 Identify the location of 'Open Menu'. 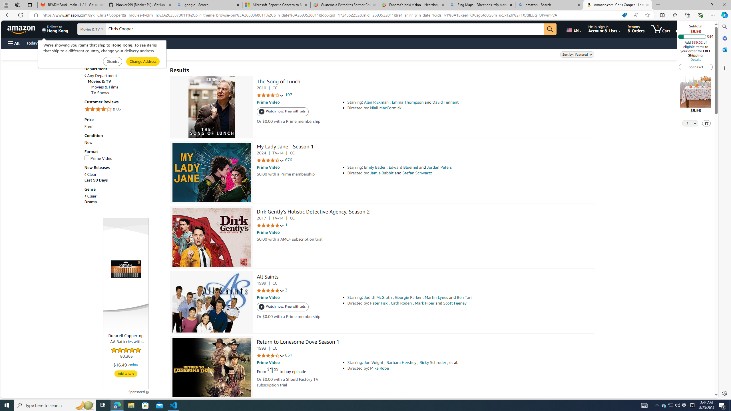
(13, 43).